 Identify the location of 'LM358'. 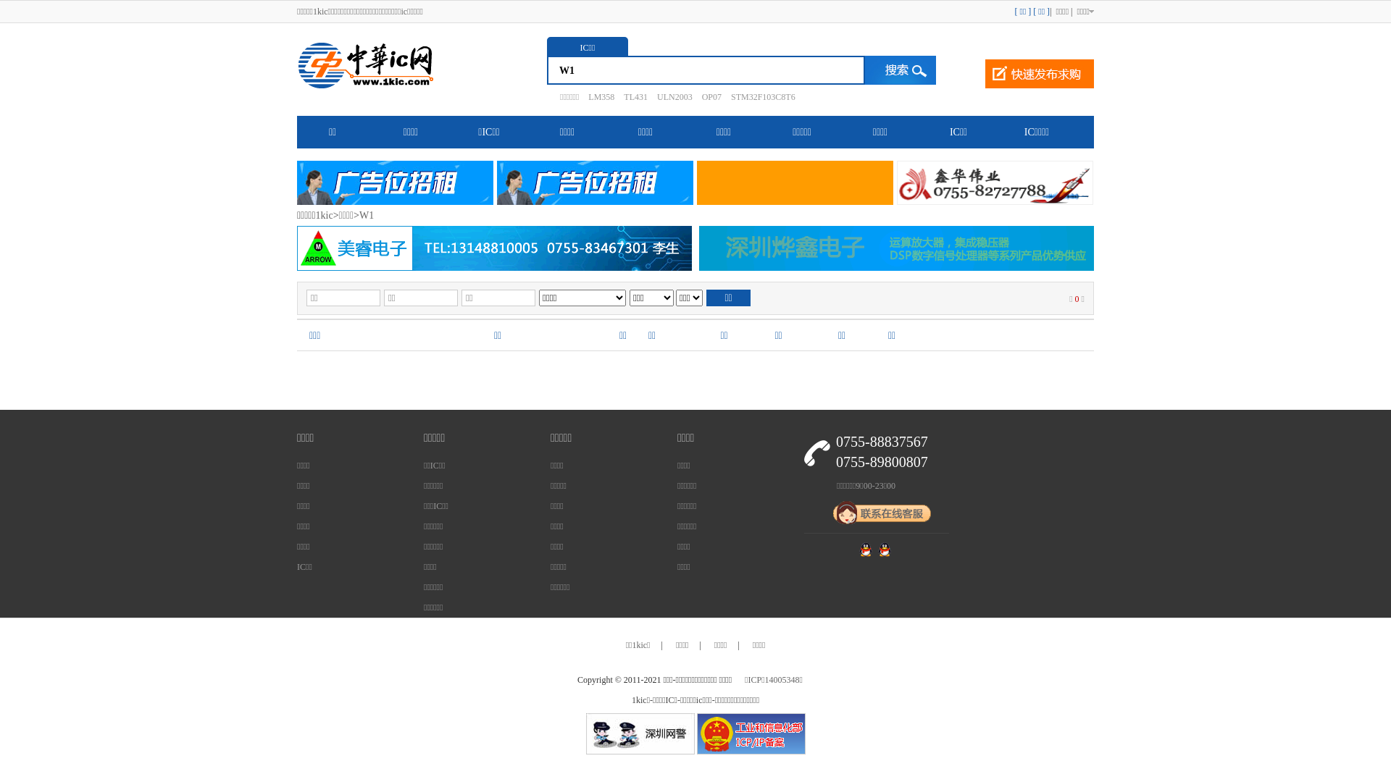
(580, 97).